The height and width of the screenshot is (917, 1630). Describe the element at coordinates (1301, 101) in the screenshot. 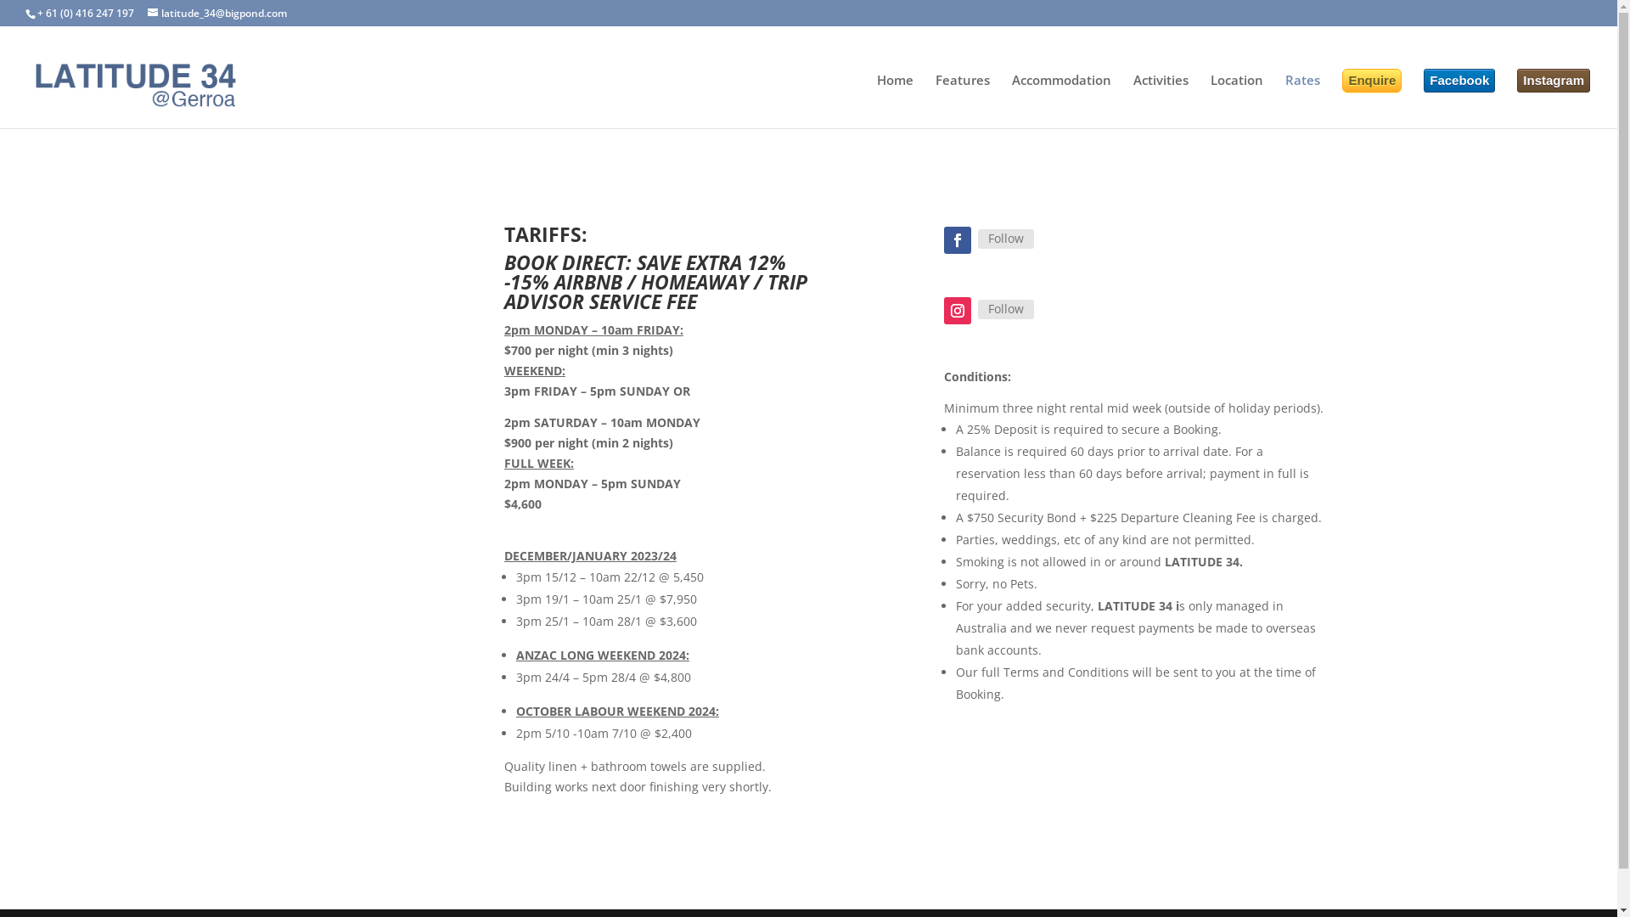

I see `'Rates'` at that location.